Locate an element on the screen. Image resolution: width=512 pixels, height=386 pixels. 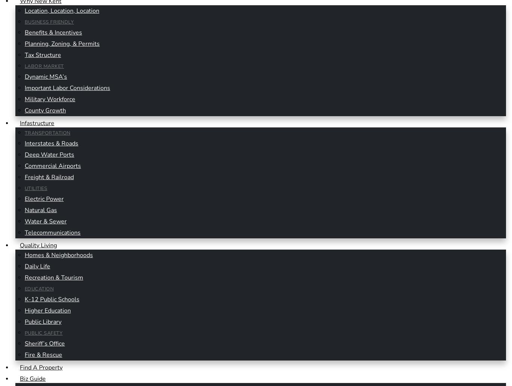
'Daily Life' is located at coordinates (24, 266).